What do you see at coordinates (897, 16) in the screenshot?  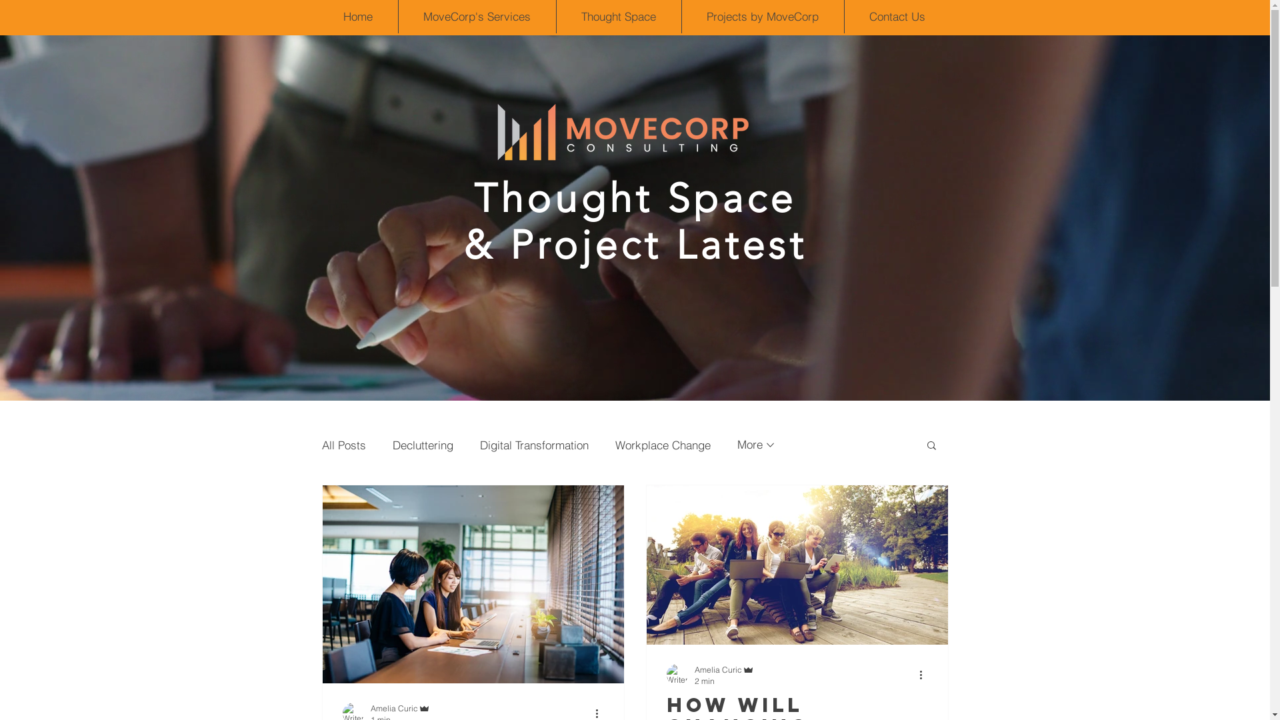 I see `'Contact Us'` at bounding box center [897, 16].